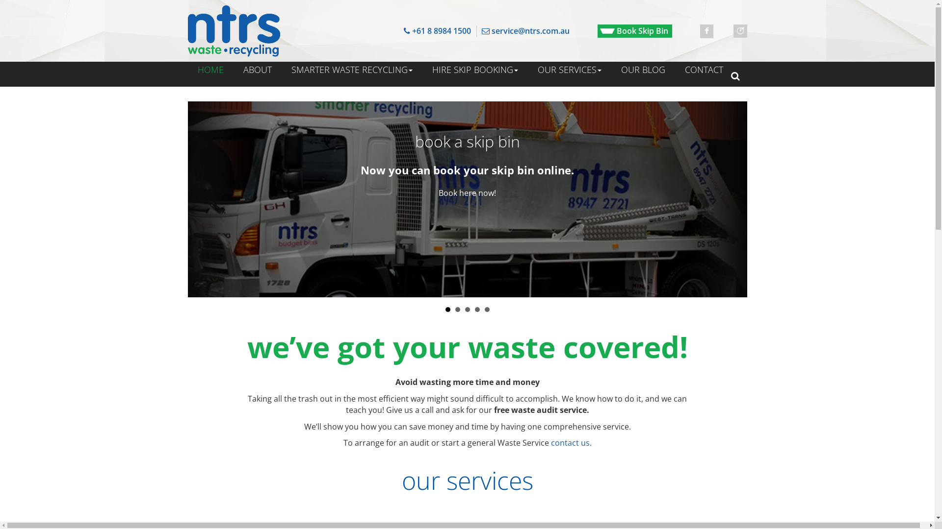  Describe the element at coordinates (570, 442) in the screenshot. I see `'contact us'` at that location.